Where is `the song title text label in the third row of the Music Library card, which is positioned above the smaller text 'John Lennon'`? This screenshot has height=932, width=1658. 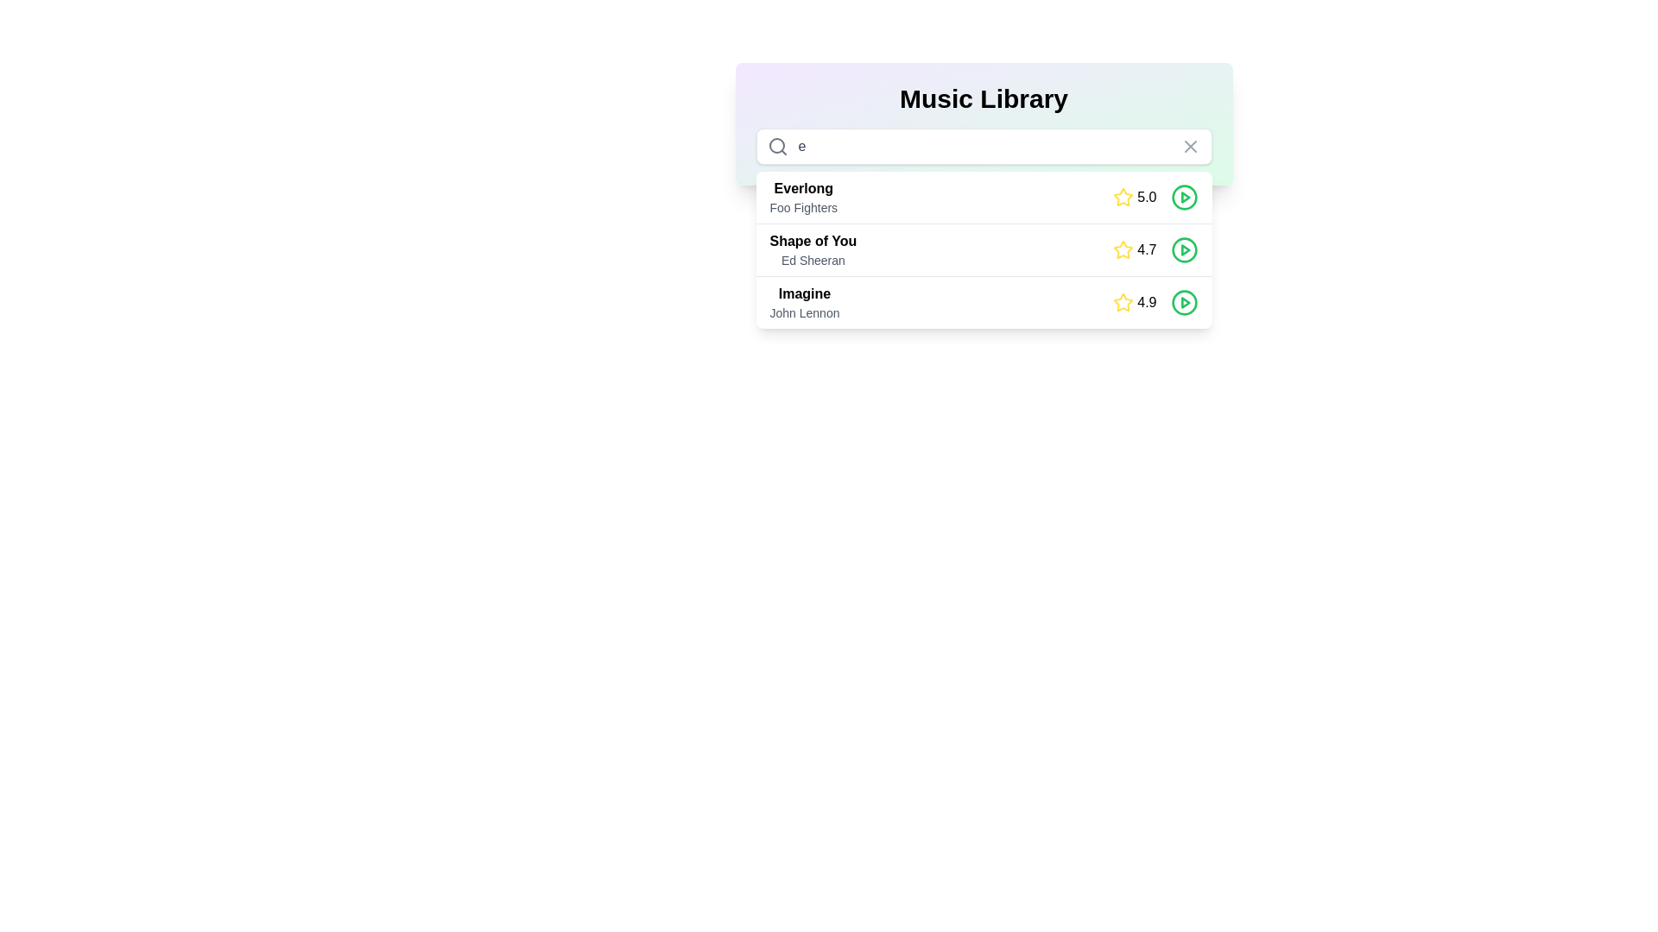
the song title text label in the third row of the Music Library card, which is positioned above the smaller text 'John Lennon' is located at coordinates (803, 293).